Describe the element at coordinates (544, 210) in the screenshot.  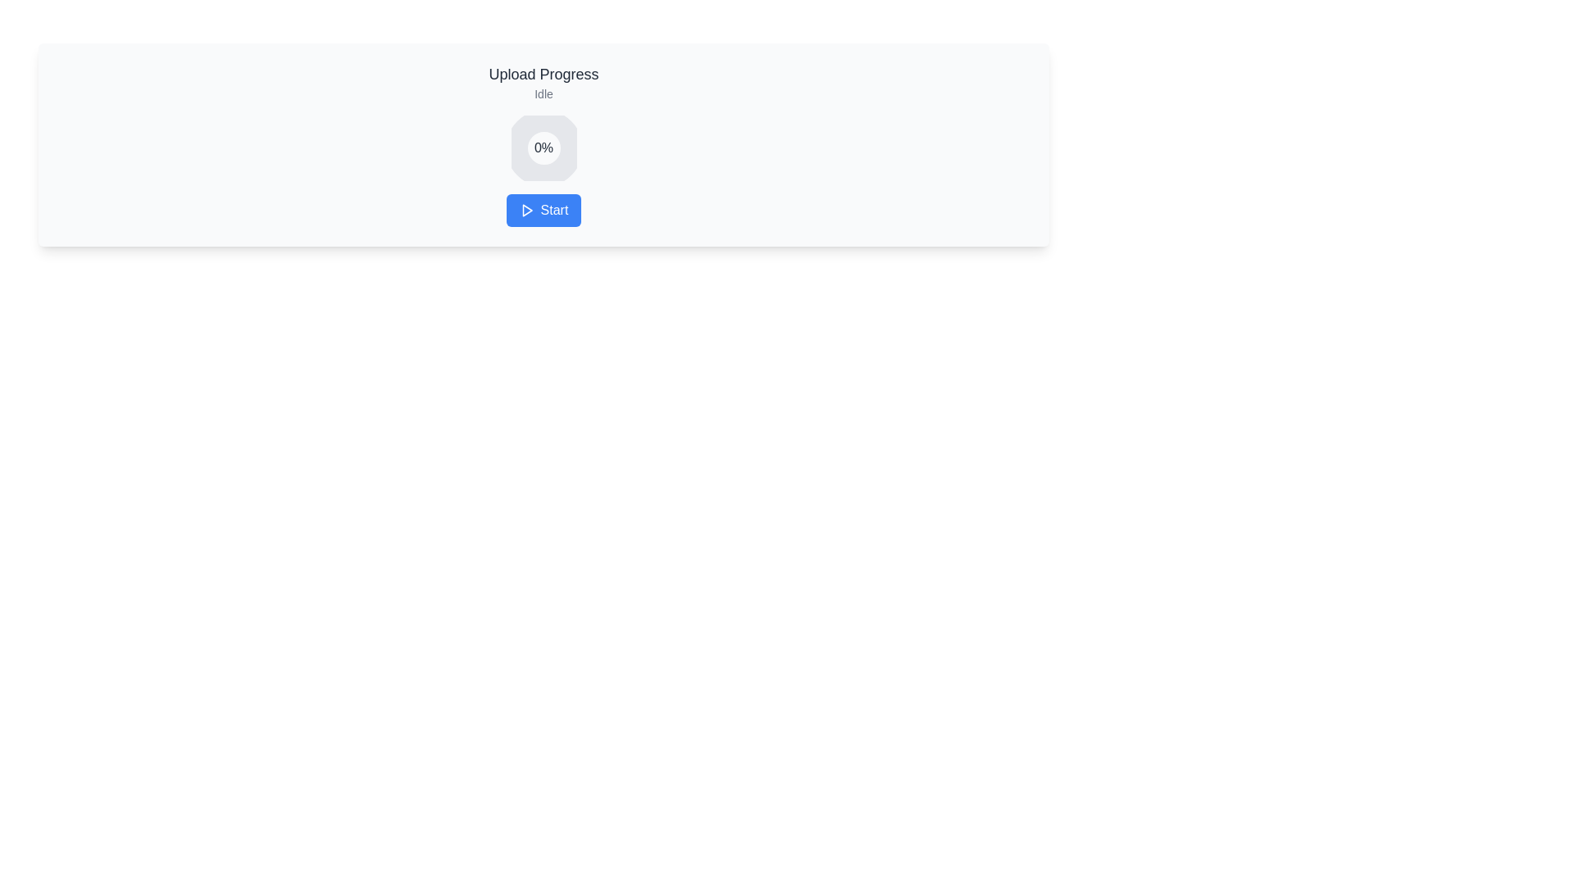
I see `the rectangular button with a blue background and white text reading 'Start'` at that location.